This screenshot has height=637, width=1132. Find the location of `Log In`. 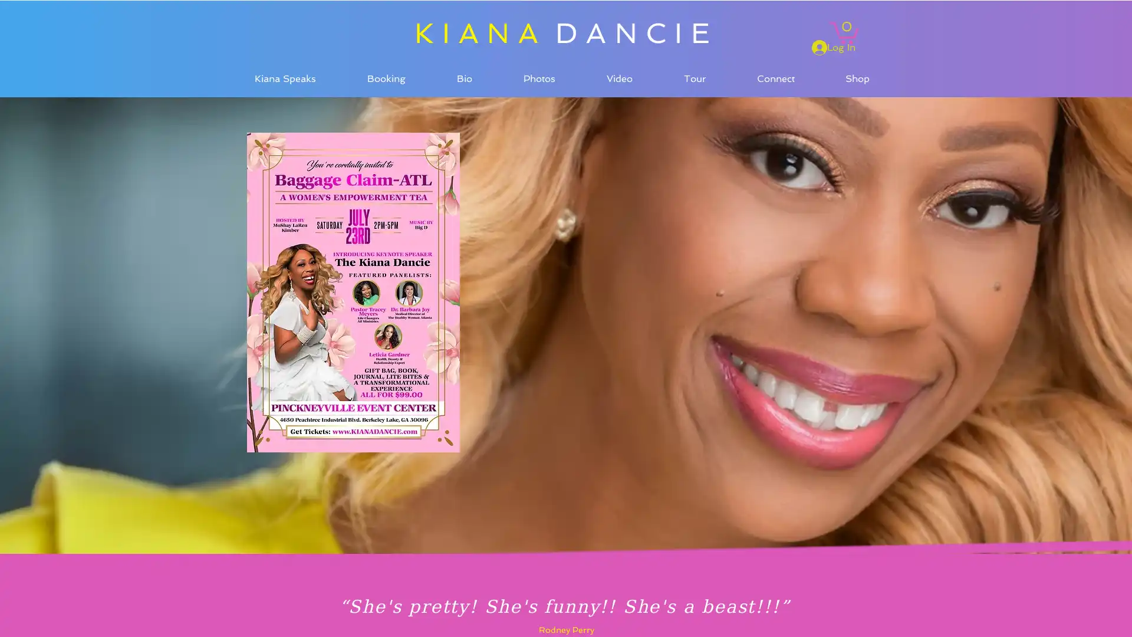

Log In is located at coordinates (833, 47).